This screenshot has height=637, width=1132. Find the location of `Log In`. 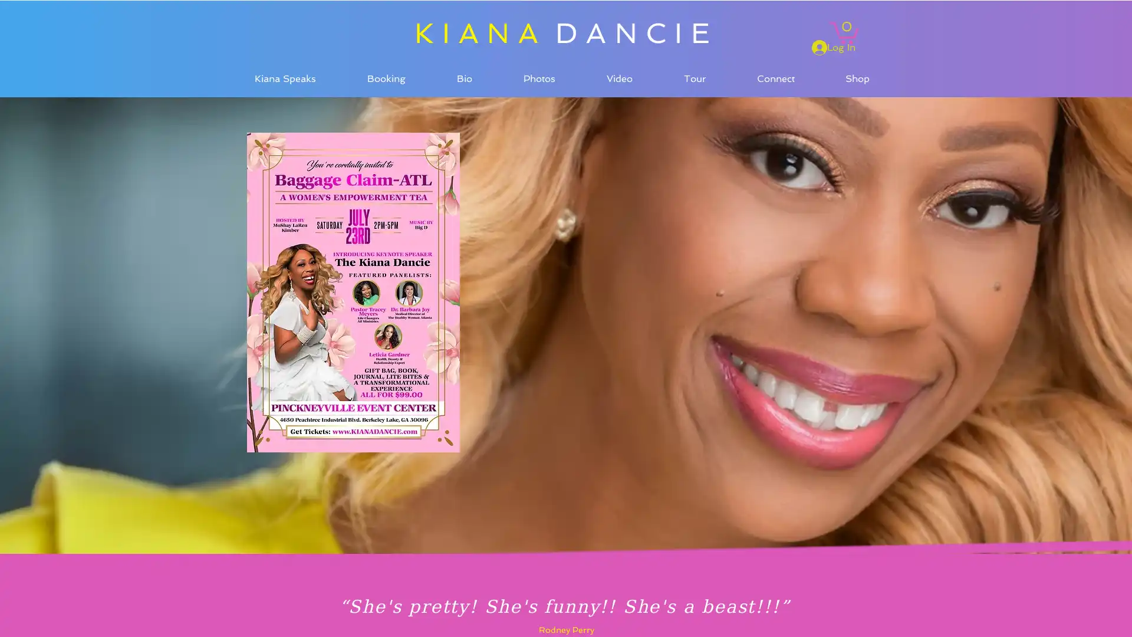

Log In is located at coordinates (833, 47).